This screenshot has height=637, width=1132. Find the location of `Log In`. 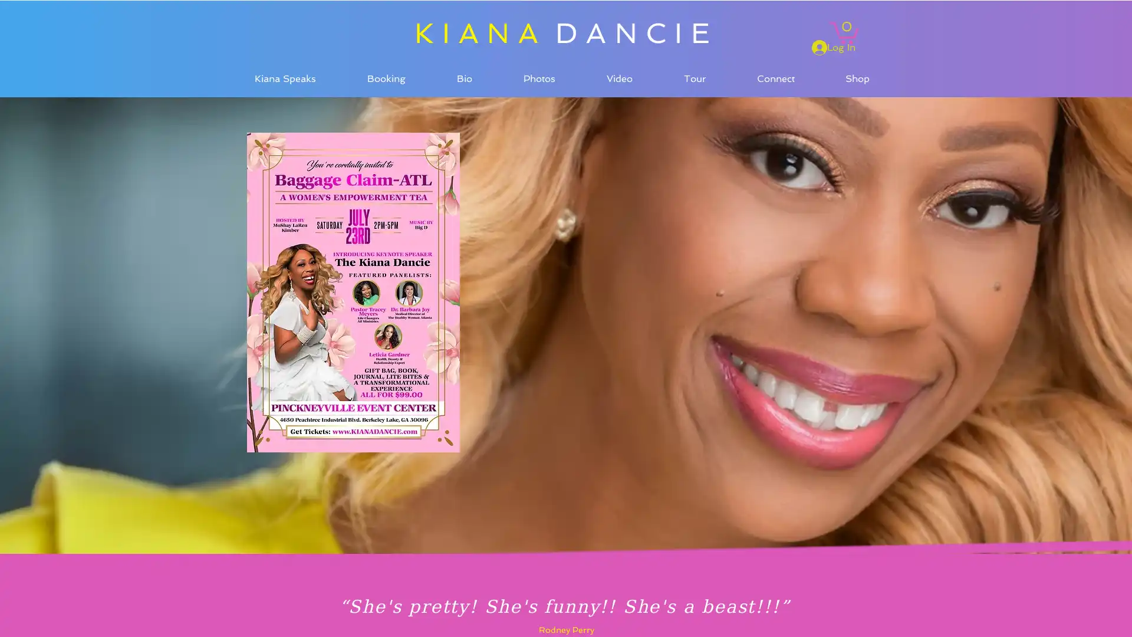

Log In is located at coordinates (833, 47).